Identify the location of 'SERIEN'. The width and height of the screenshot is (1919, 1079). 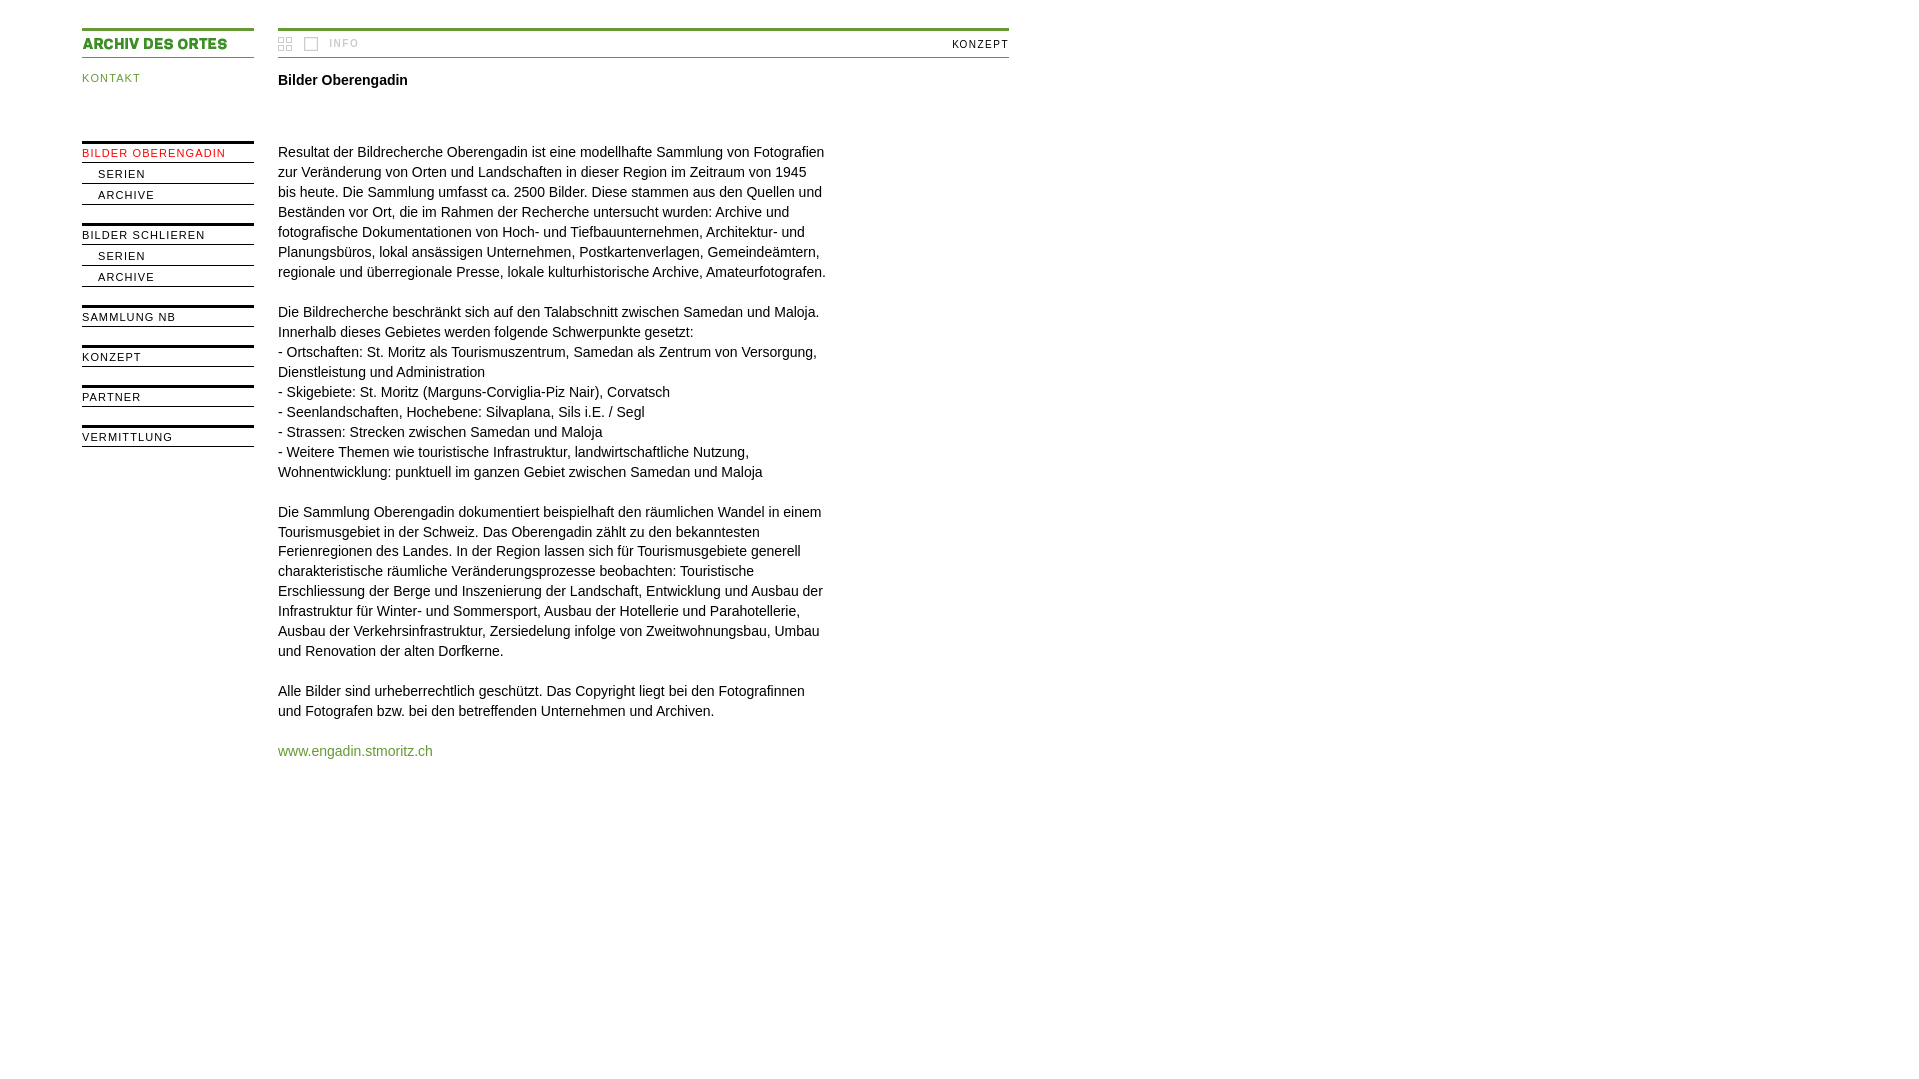
(120, 172).